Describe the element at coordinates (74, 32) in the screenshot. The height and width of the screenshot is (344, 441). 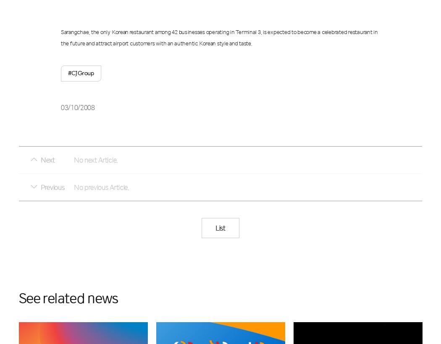
I see `'Sarangchae'` at that location.